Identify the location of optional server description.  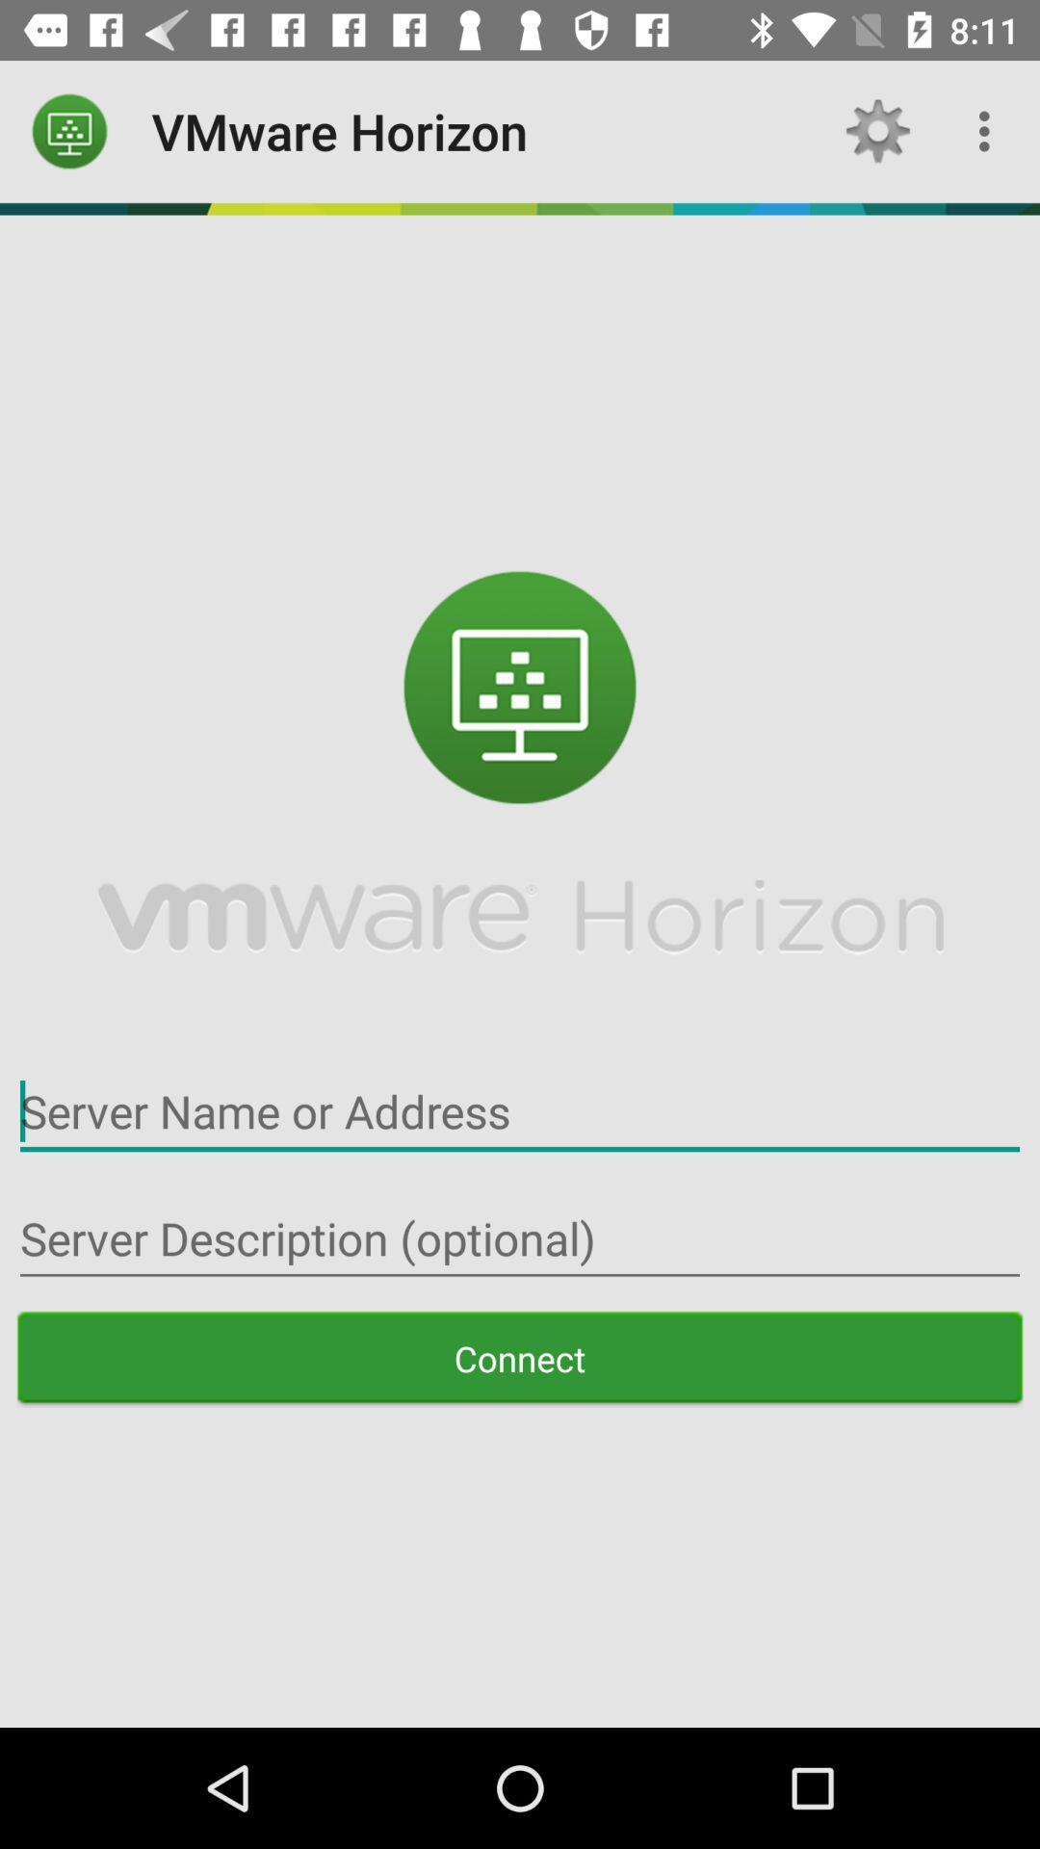
(520, 1238).